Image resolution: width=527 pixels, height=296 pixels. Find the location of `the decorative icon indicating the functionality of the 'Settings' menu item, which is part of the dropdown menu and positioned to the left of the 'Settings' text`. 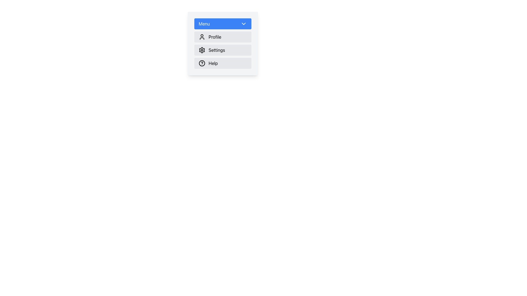

the decorative icon indicating the functionality of the 'Settings' menu item, which is part of the dropdown menu and positioned to the left of the 'Settings' text is located at coordinates (201, 50).